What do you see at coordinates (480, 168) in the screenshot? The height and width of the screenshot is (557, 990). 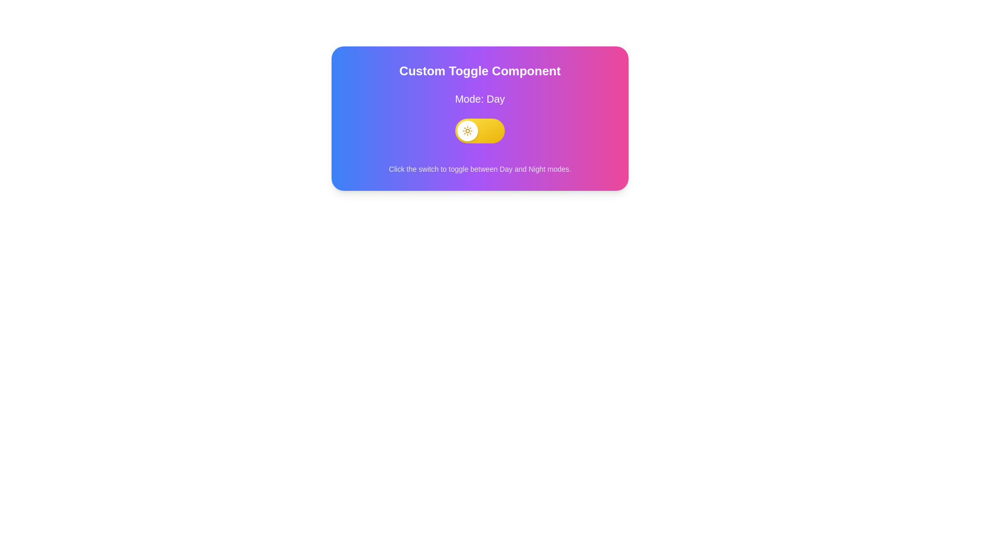 I see `instructional guidance text label located at the bottom of the card, centered horizontally, providing interaction instructions for the toggle switch above it` at bounding box center [480, 168].